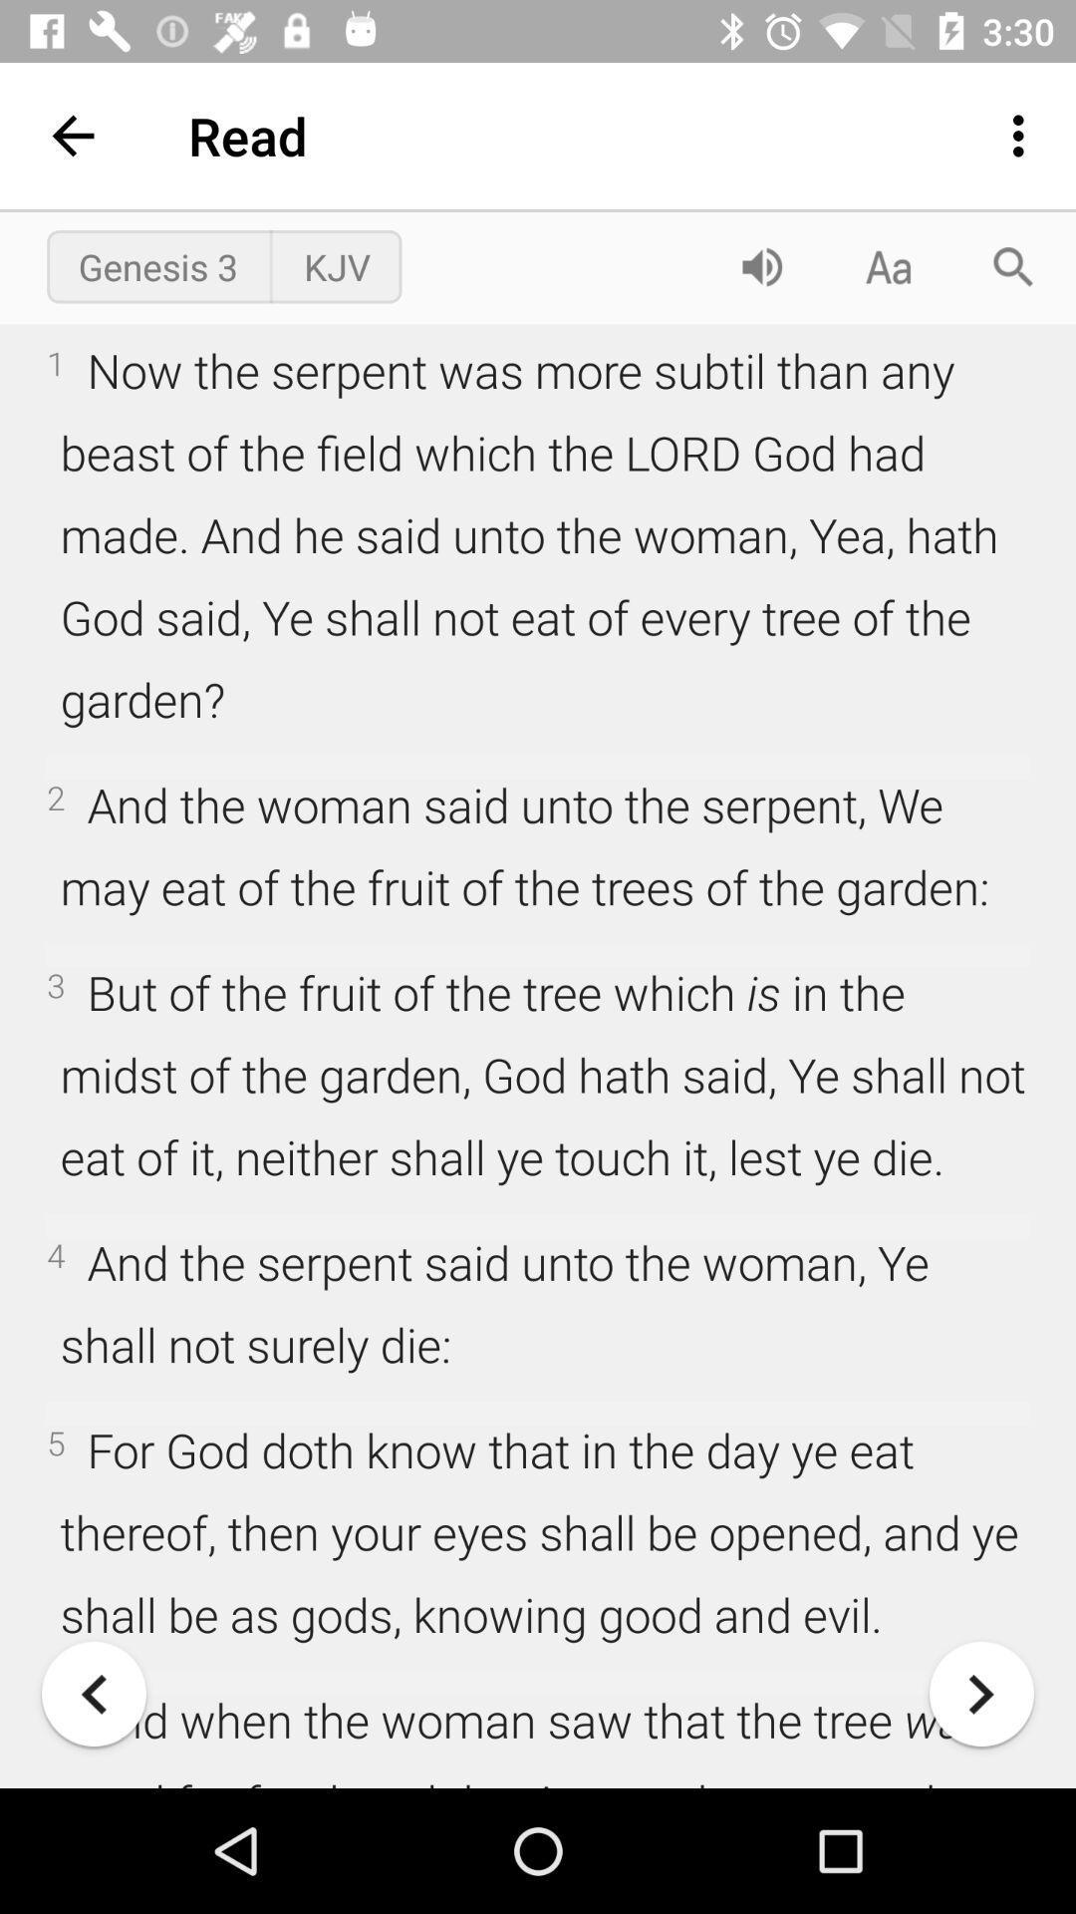 Image resolution: width=1076 pixels, height=1914 pixels. What do you see at coordinates (887, 265) in the screenshot?
I see `change font properties` at bounding box center [887, 265].